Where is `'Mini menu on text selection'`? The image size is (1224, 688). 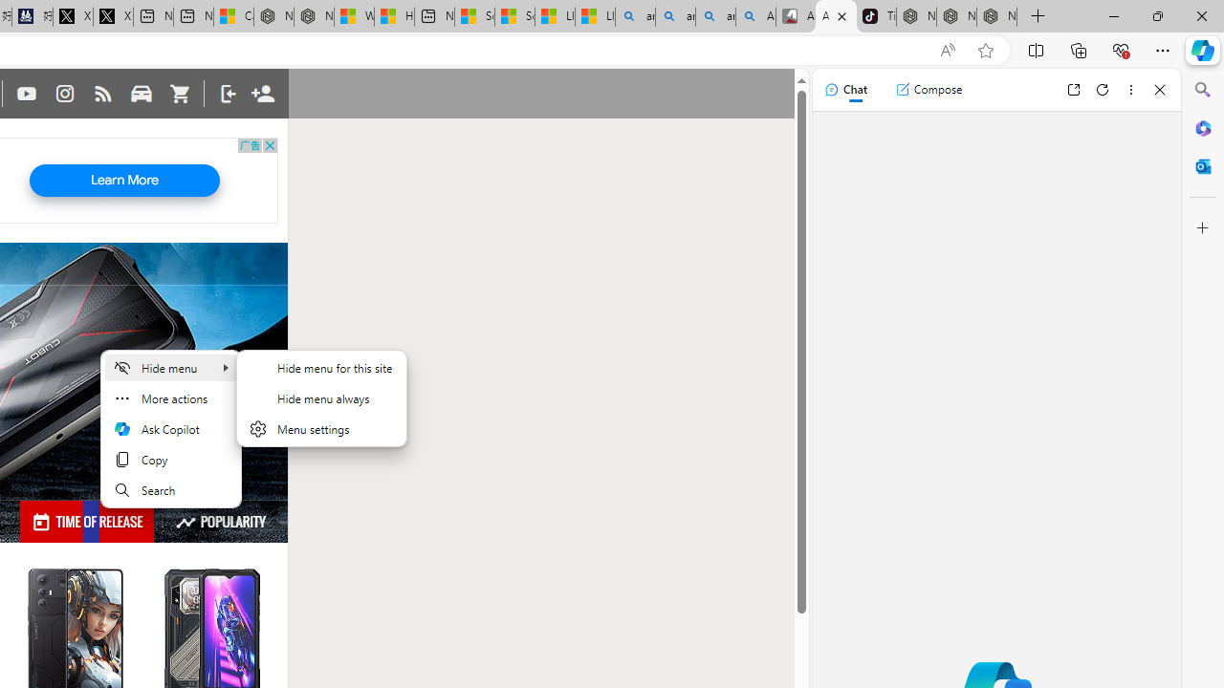
'Mini menu on text selection' is located at coordinates (171, 440).